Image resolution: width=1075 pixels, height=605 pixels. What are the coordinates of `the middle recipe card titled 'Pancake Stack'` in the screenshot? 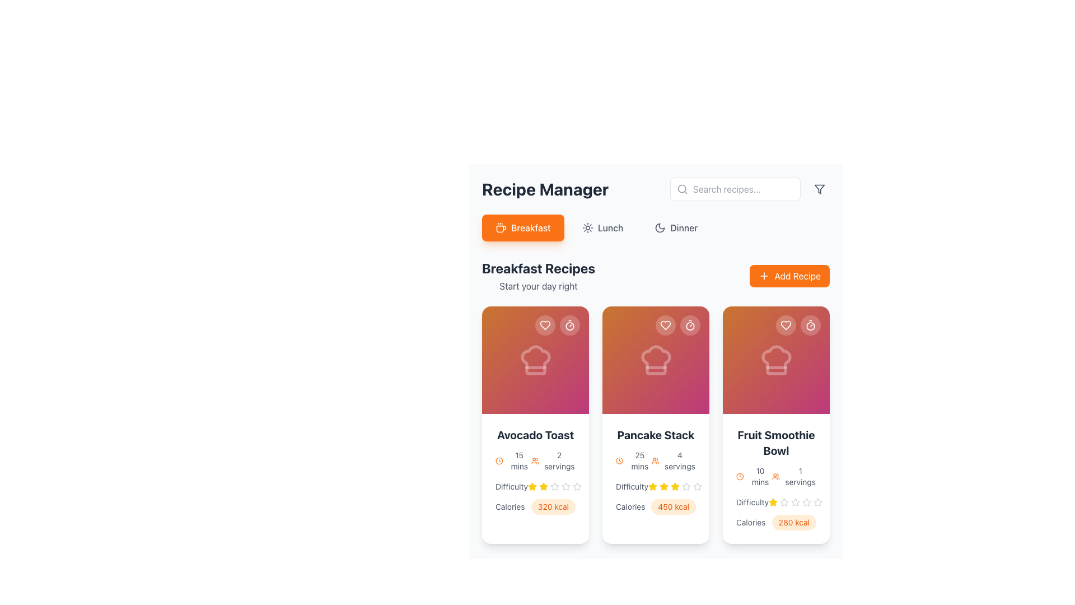 It's located at (656, 425).